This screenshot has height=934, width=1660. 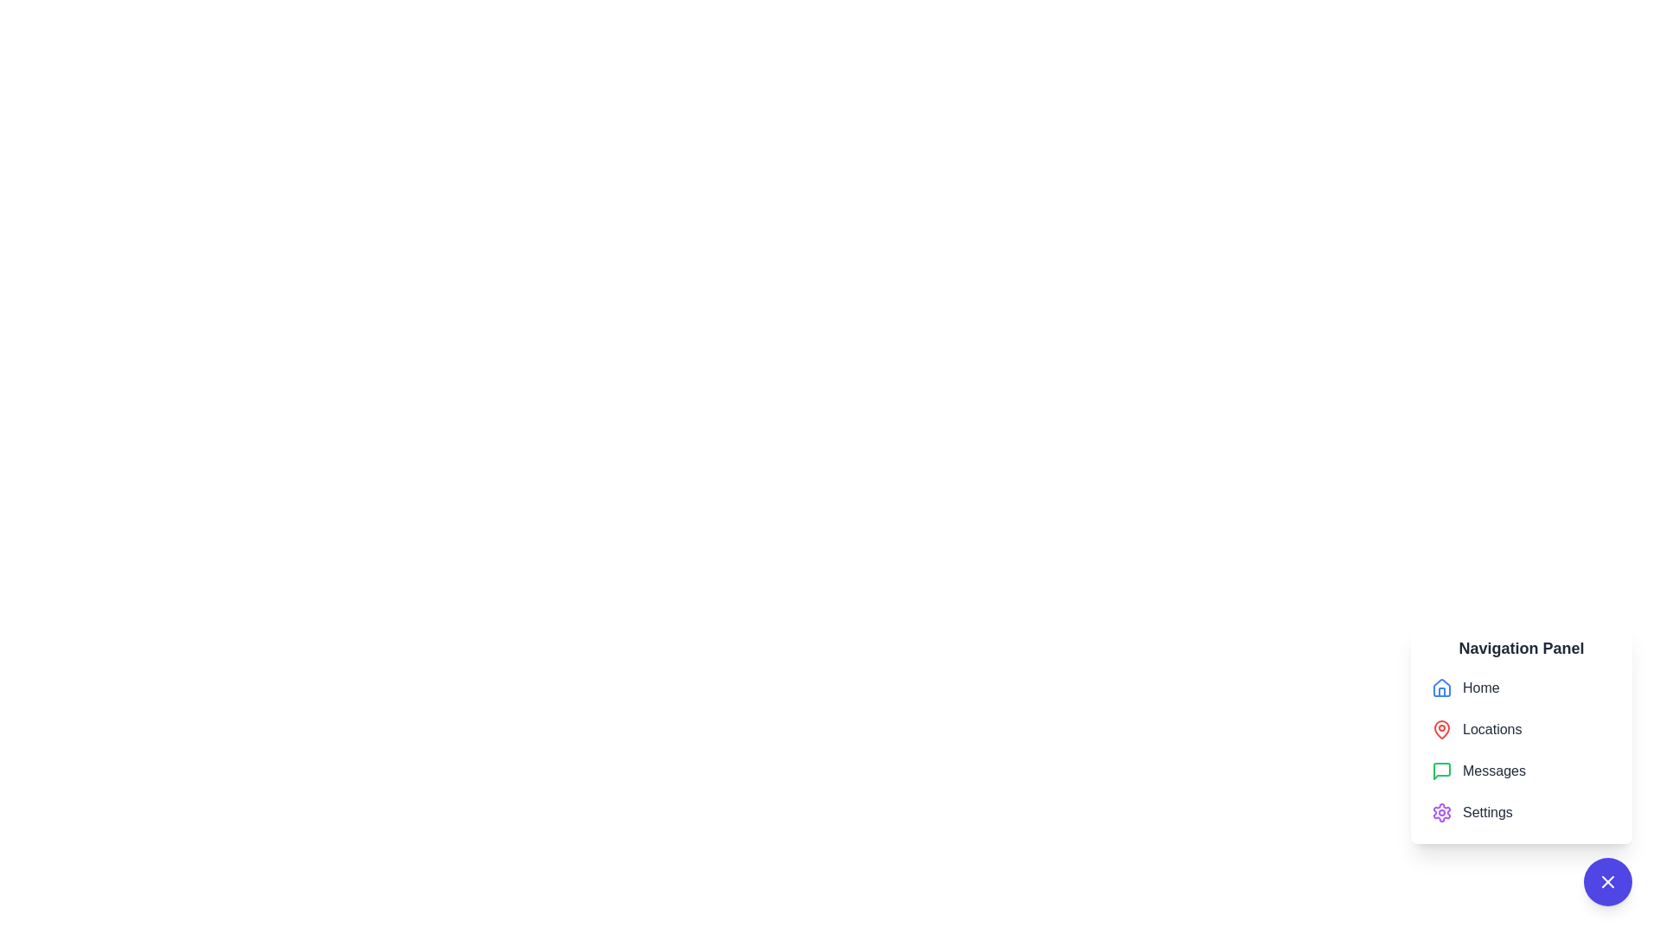 I want to click on the navigation menu item that redirects users to the messaging section, located as the third item in a vertical list at the bottom-right corner of the interface, so click(x=1522, y=763).